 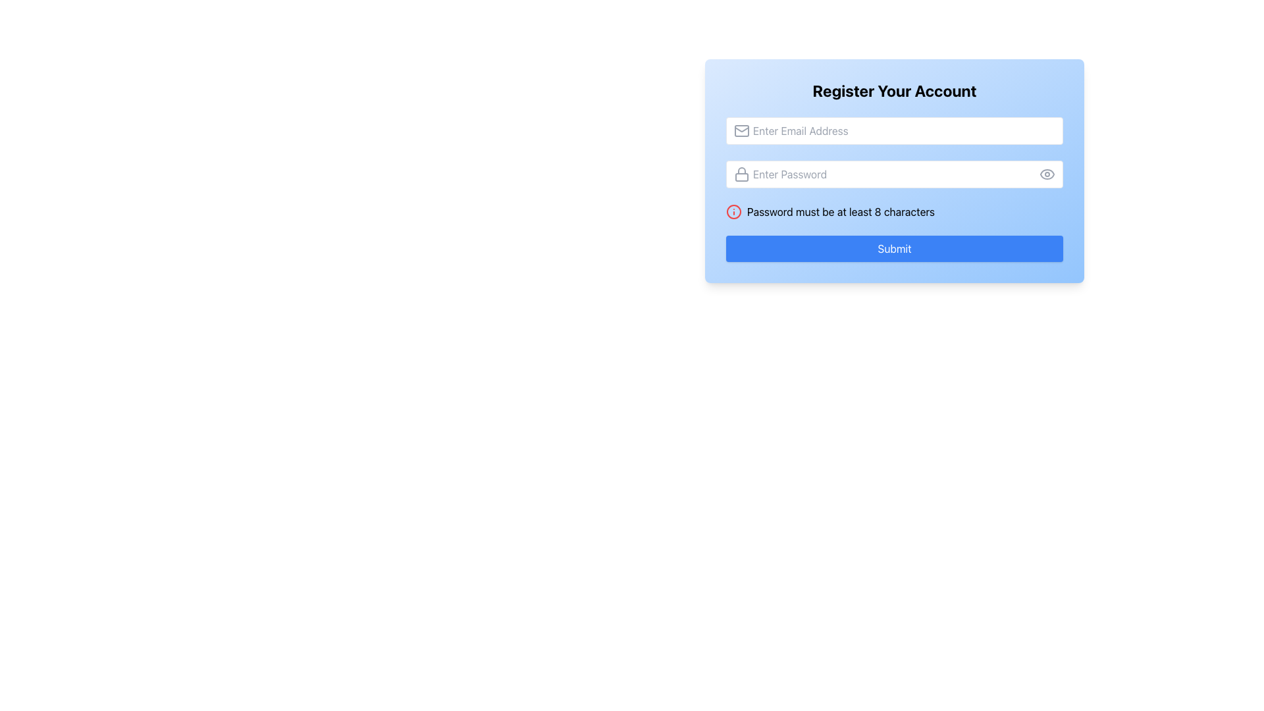 What do you see at coordinates (894, 211) in the screenshot?
I see `the informational text displaying 'Password must be at least 8 characters' next to the red info icon, located beneath the 'Enter Password' input field and above the 'Submit' button in the registration form` at bounding box center [894, 211].